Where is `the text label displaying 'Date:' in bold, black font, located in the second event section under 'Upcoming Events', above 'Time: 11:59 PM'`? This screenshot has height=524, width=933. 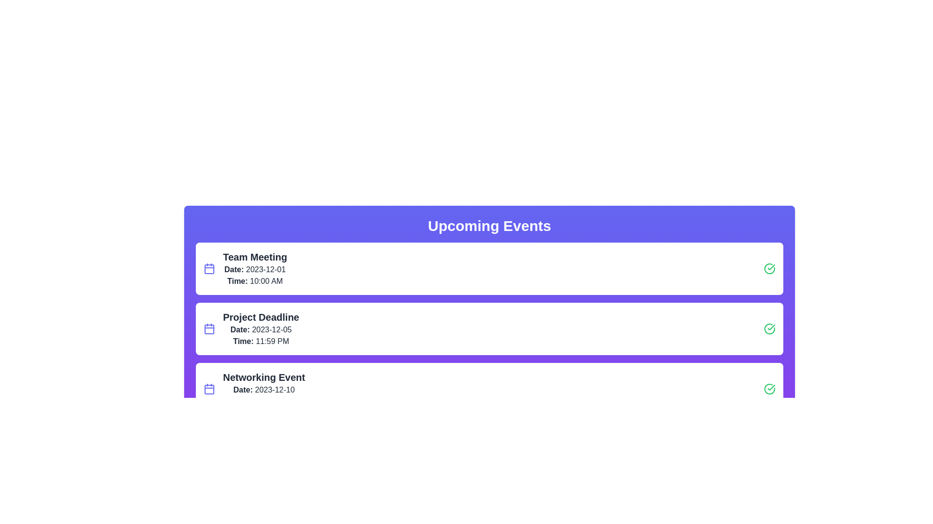
the text label displaying 'Date:' in bold, black font, located in the second event section under 'Upcoming Events', above 'Time: 11:59 PM' is located at coordinates (240, 329).